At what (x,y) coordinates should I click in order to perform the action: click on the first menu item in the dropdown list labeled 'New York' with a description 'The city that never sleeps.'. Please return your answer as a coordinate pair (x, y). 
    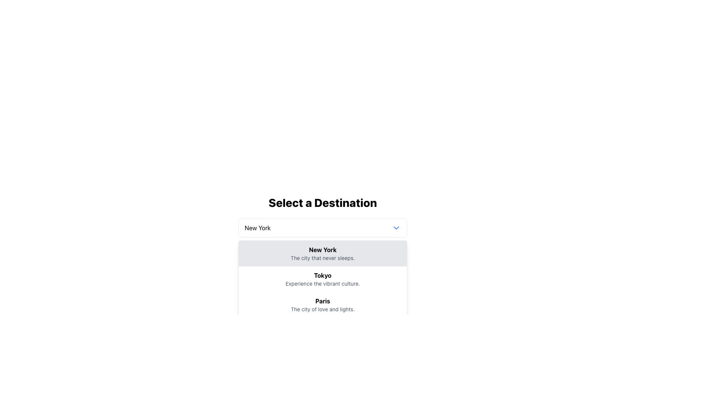
    Looking at the image, I should click on (322, 253).